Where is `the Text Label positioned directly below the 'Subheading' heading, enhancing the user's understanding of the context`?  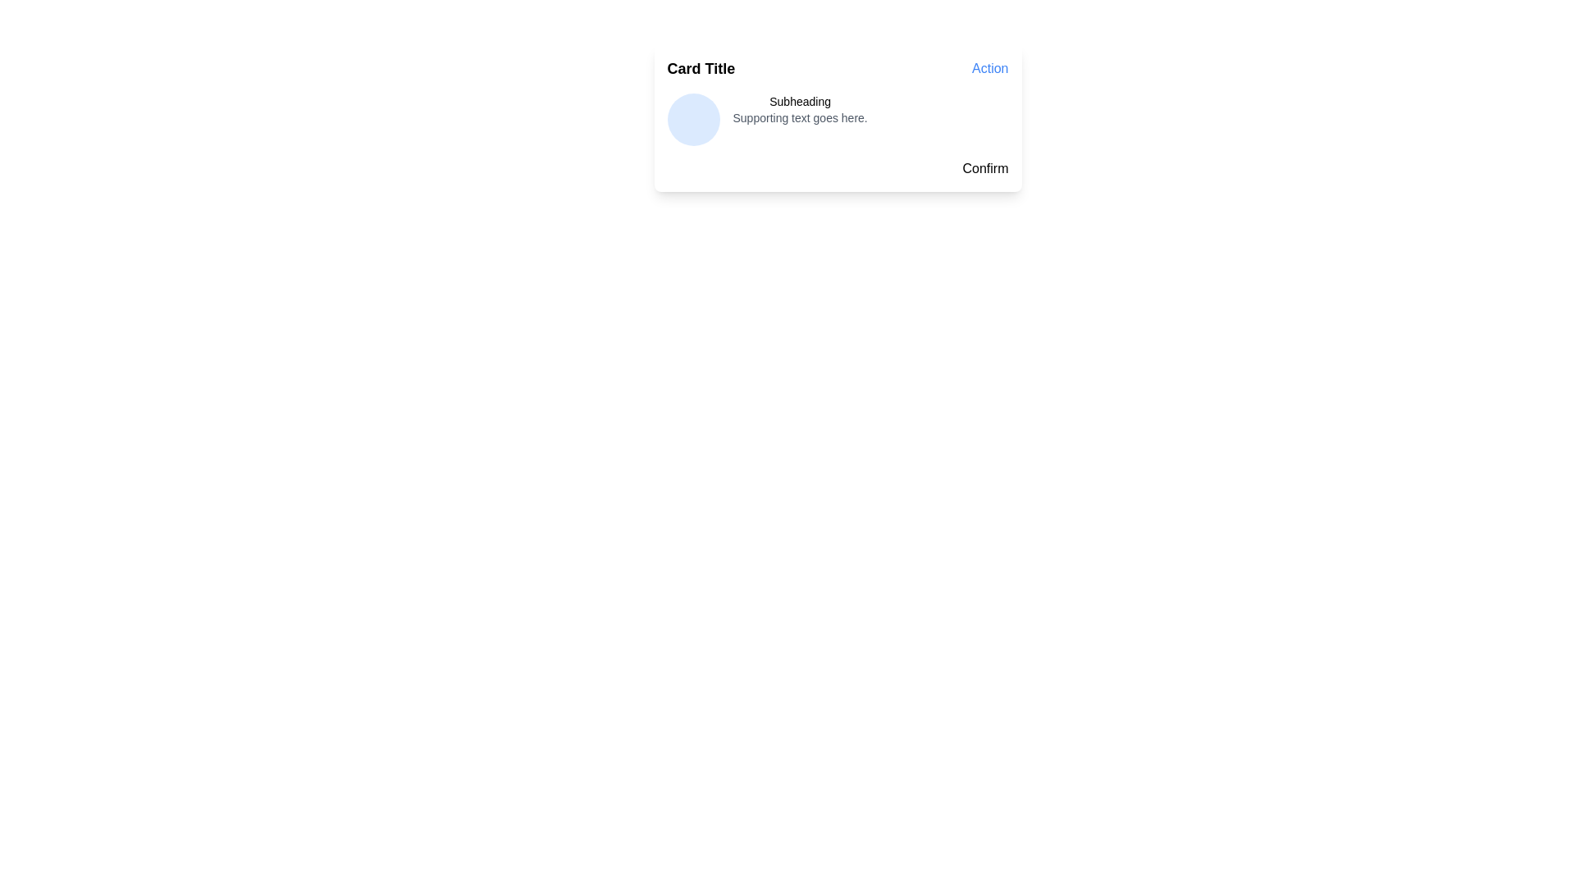 the Text Label positioned directly below the 'Subheading' heading, enhancing the user's understanding of the context is located at coordinates (800, 116).